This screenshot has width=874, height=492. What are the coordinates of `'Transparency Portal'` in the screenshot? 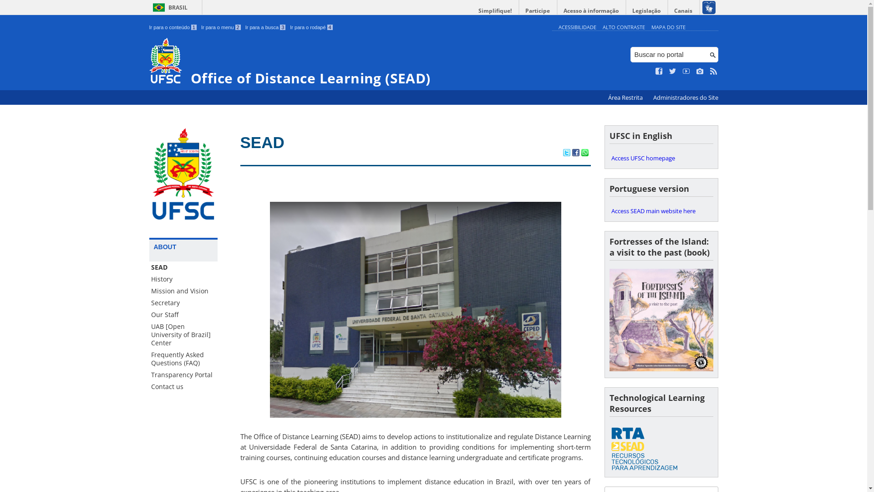 It's located at (183, 374).